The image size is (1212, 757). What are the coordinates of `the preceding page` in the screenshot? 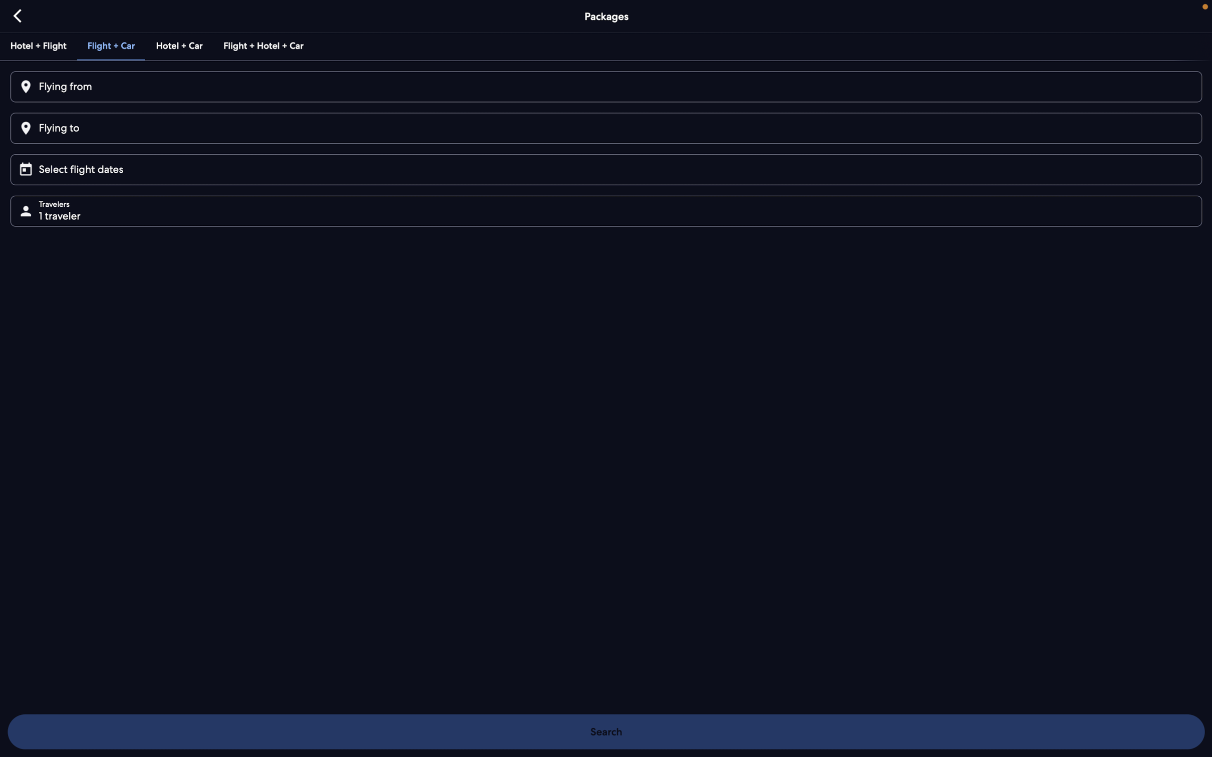 It's located at (18, 15).